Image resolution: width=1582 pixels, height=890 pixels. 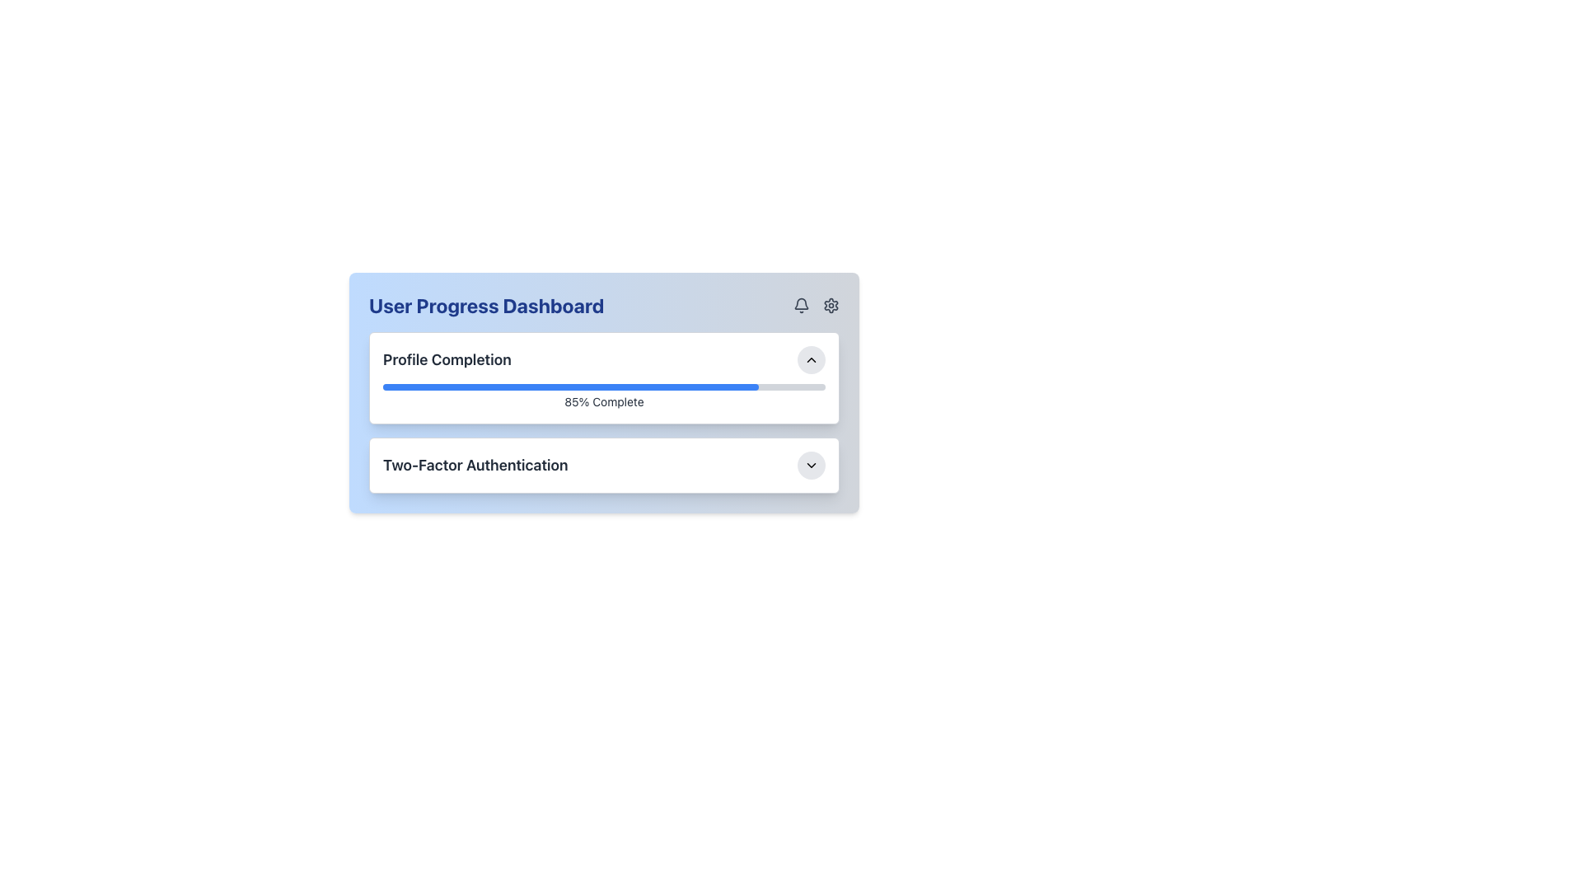 I want to click on title Text Label located in the top-left area of the dashboard view for information, so click(x=485, y=305).